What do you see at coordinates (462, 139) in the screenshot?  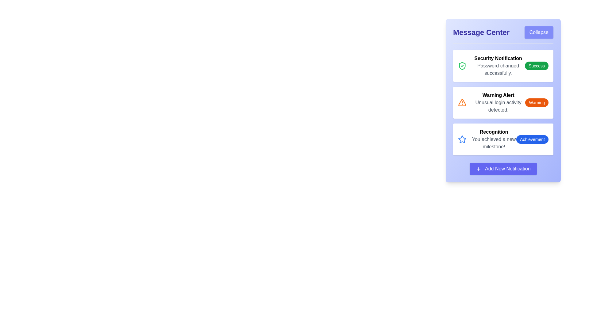 I see `the blue star icon outlined with a white inner fill that is located within the 'Recognition' notification card in the 'Message Center'` at bounding box center [462, 139].